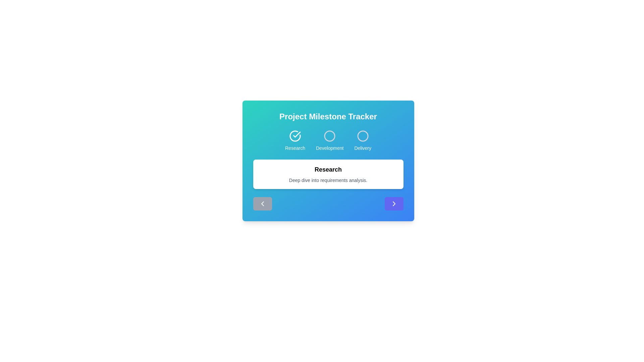 This screenshot has height=362, width=644. I want to click on the 'Delivery' icon, so click(362, 136).